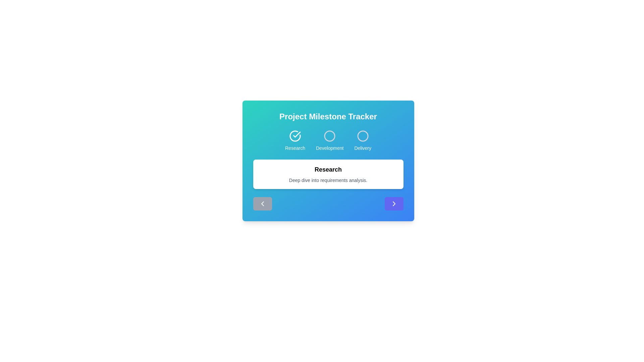 This screenshot has height=362, width=644. I want to click on the 'Delivery' icon, so click(362, 136).